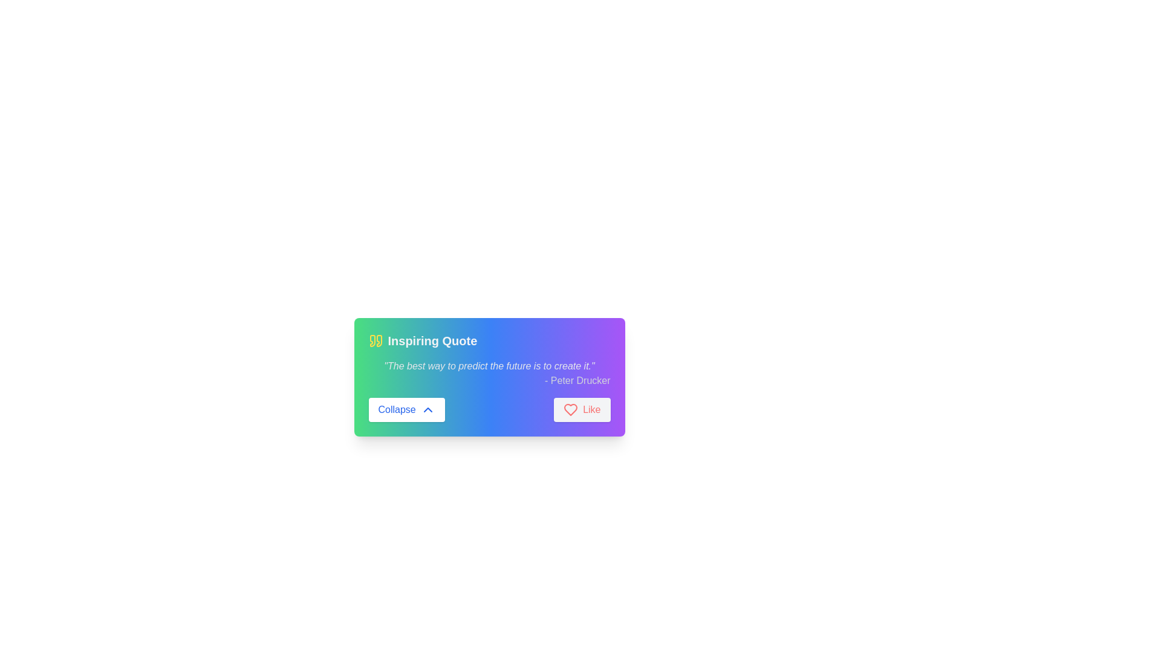 This screenshot has width=1161, height=653. What do you see at coordinates (489, 372) in the screenshot?
I see `the static text element displaying the quote 'The best way to predict the future is to create it.' by Peter Drucker, which is styled in italics and aligned right within a gradient background` at bounding box center [489, 372].